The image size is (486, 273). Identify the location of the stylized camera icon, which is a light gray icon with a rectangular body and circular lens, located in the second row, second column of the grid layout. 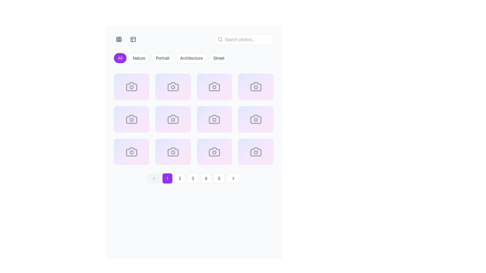
(173, 152).